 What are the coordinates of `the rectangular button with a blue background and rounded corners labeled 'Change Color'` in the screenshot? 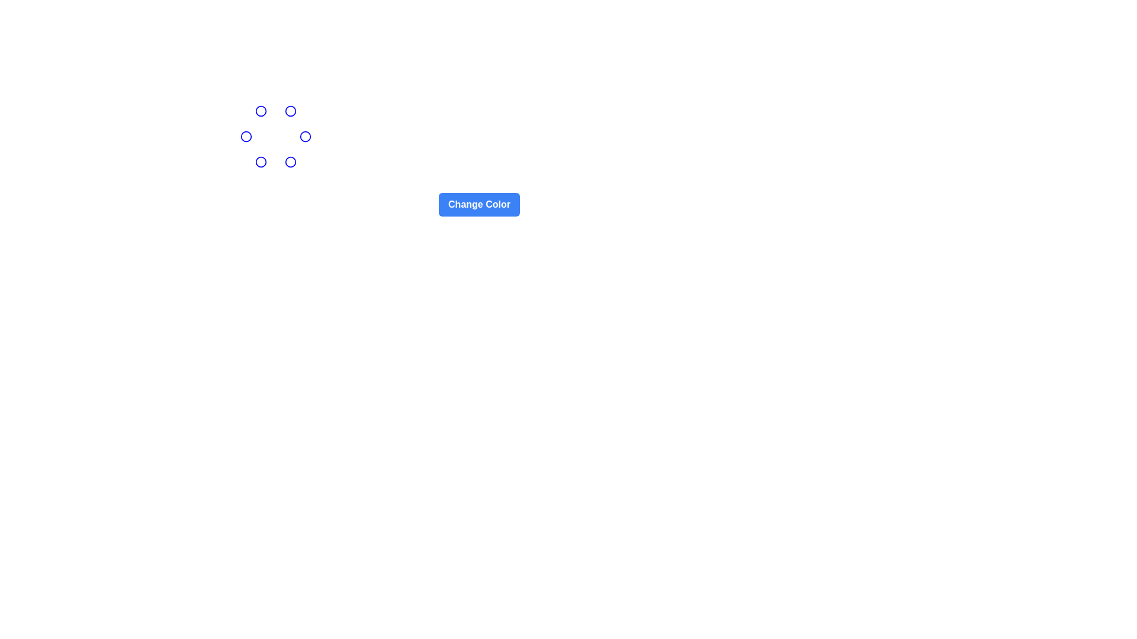 It's located at (479, 204).